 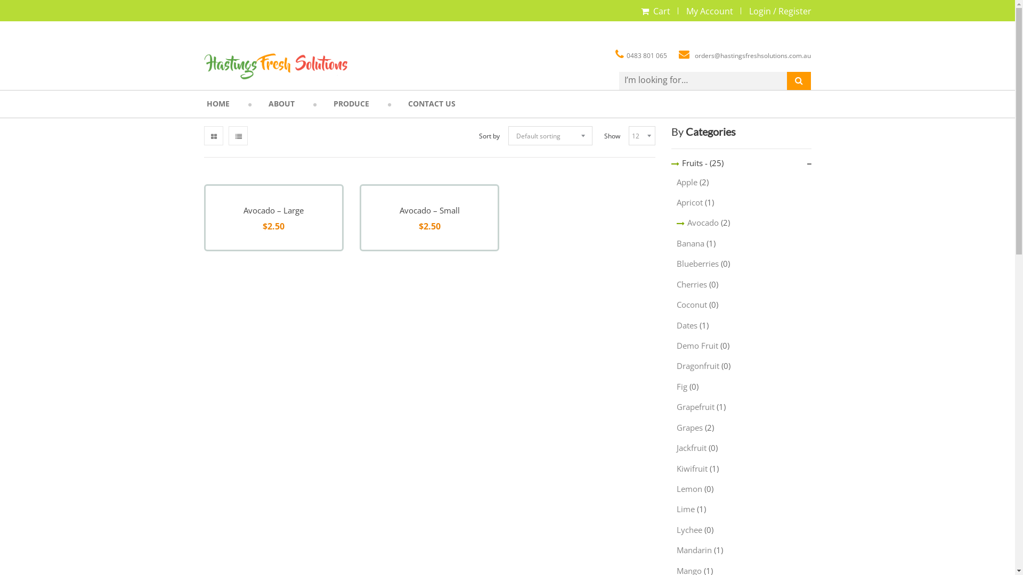 What do you see at coordinates (682, 386) in the screenshot?
I see `'Fig'` at bounding box center [682, 386].